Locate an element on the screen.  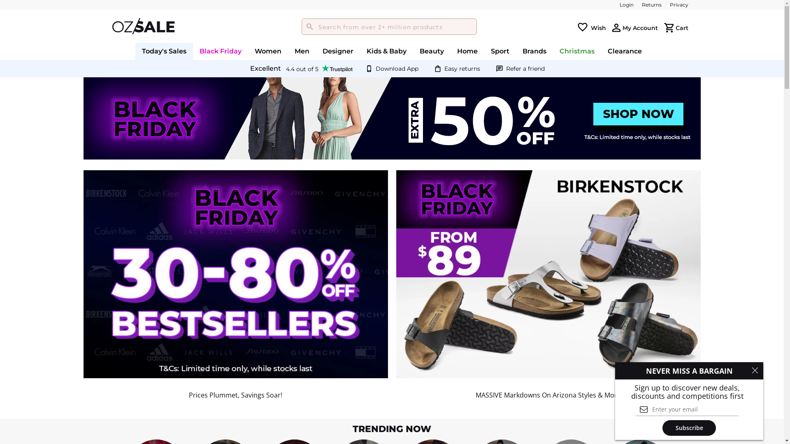
'Wish' is located at coordinates (598, 27).